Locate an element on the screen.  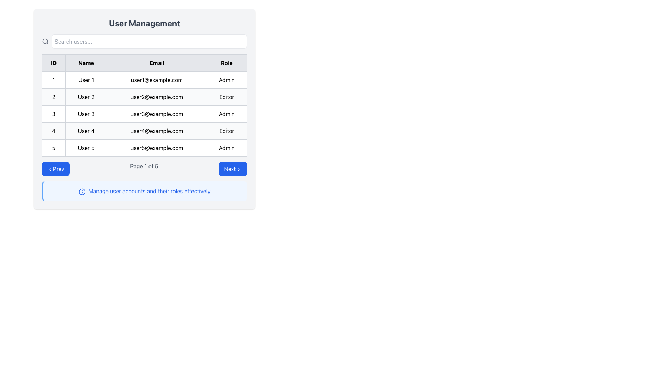
the fourth Table Header Cell in the header row of the table, which is positioned to the far right and indicates the role of individuals listed below is located at coordinates (227, 63).